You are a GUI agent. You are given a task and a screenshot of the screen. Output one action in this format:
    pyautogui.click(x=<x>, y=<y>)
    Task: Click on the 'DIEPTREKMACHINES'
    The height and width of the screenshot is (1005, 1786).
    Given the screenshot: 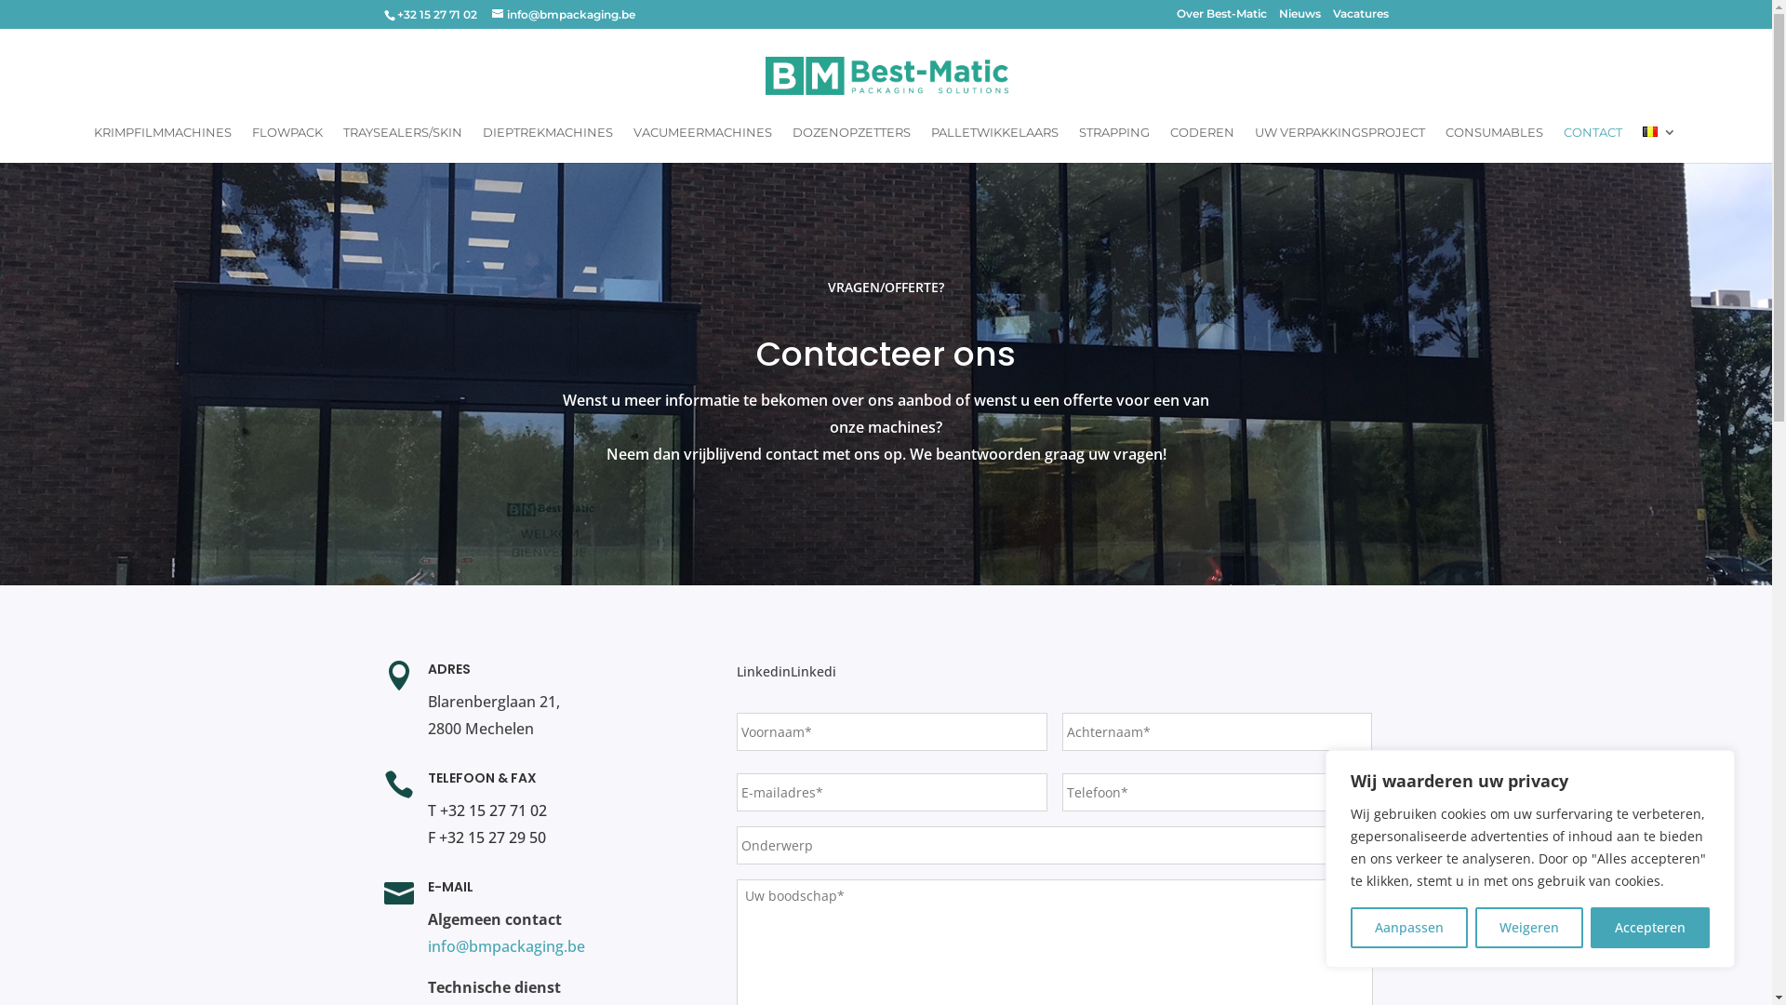 What is the action you would take?
    pyautogui.click(x=547, y=142)
    